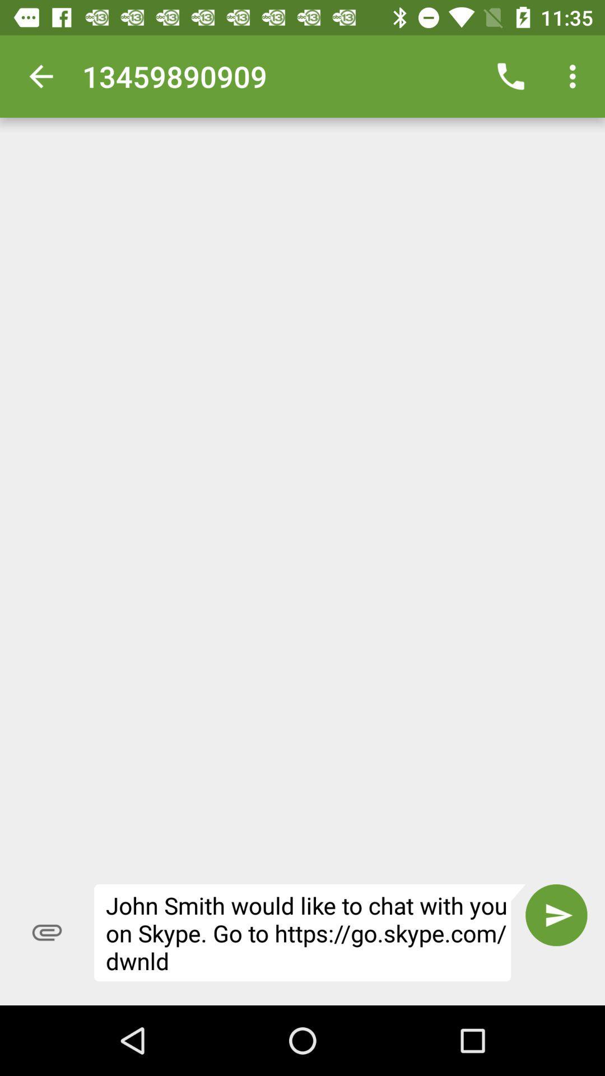 This screenshot has width=605, height=1076. What do you see at coordinates (556, 915) in the screenshot?
I see `the send icon` at bounding box center [556, 915].